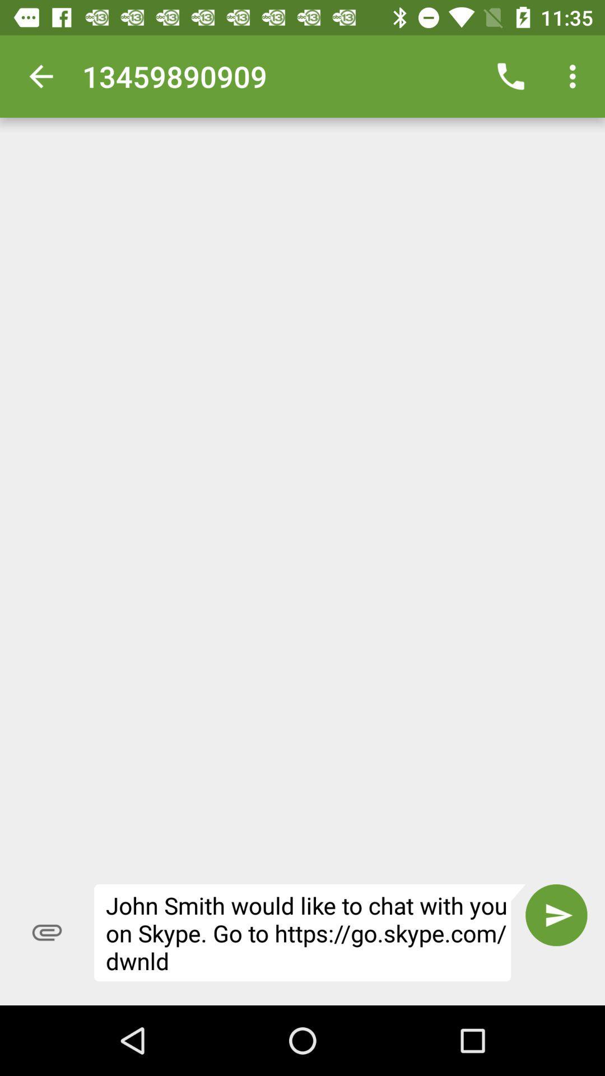 This screenshot has width=605, height=1076. What do you see at coordinates (556, 915) in the screenshot?
I see `the send icon` at bounding box center [556, 915].